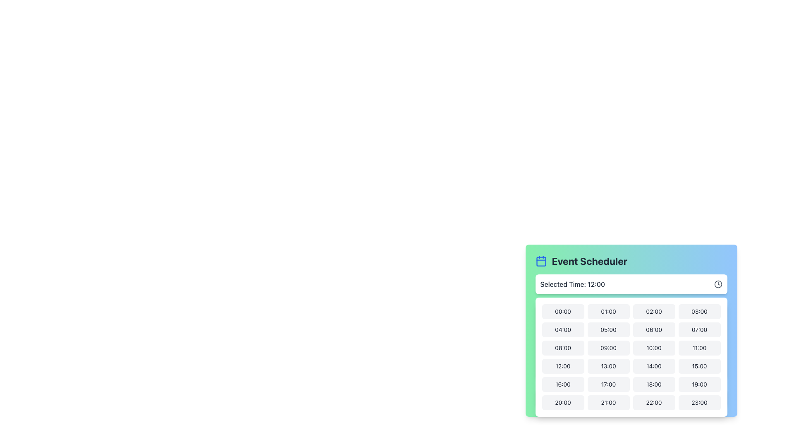  I want to click on the time selection button located in the first column of the fifth row in the 'Event Scheduler' modal, so click(562, 385).